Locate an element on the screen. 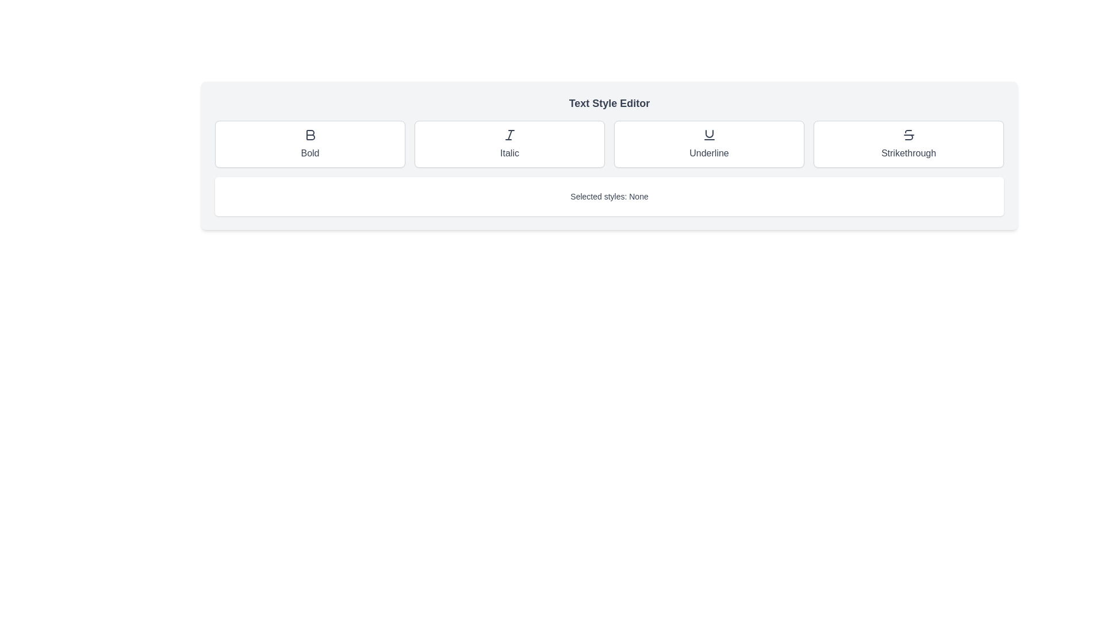 The height and width of the screenshot is (621, 1104). the text label displaying 'Underline', which is centrally aligned beneath the 'U' icon and is the third element in a horizontally arranged button set is located at coordinates (708, 152).